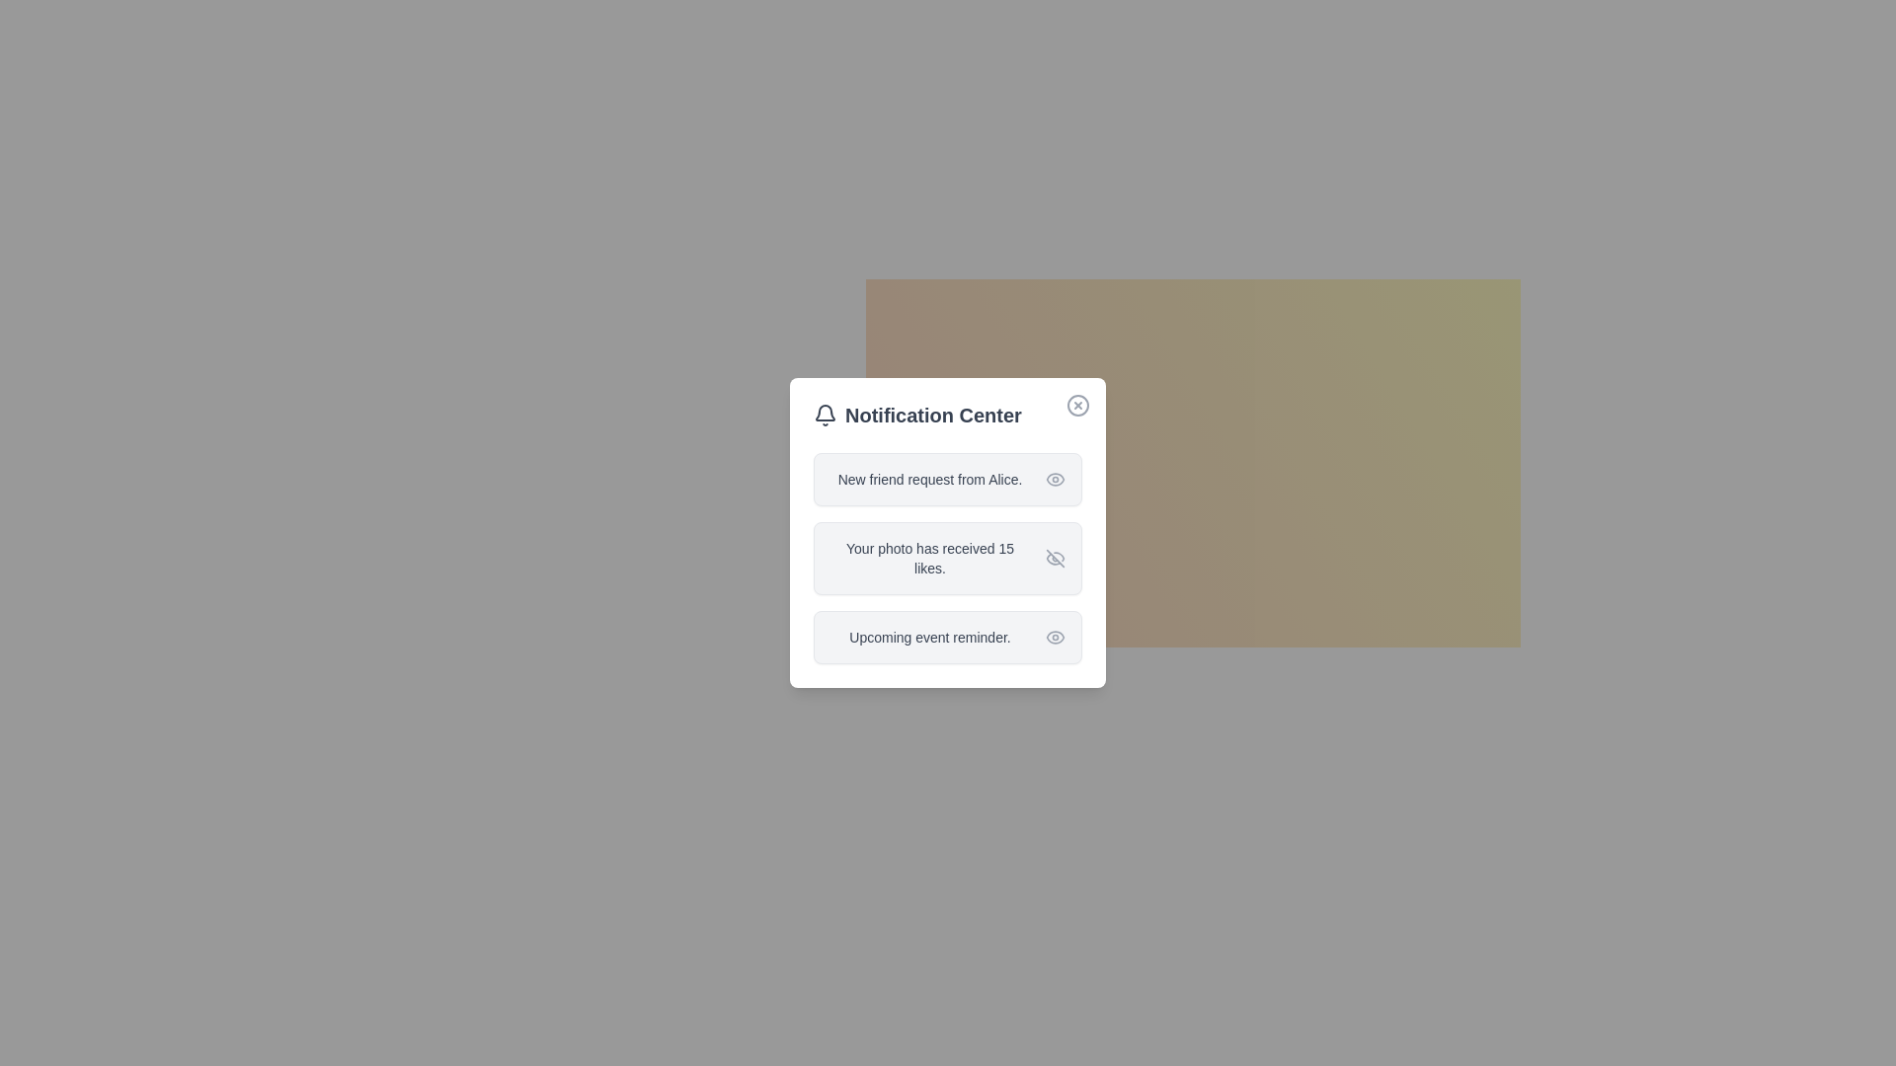 Image resolution: width=1896 pixels, height=1066 pixels. What do you see at coordinates (928, 637) in the screenshot?
I see `the textual label displaying 'Upcoming event reminder.' which is located in the third entry of the Notification Center panel` at bounding box center [928, 637].